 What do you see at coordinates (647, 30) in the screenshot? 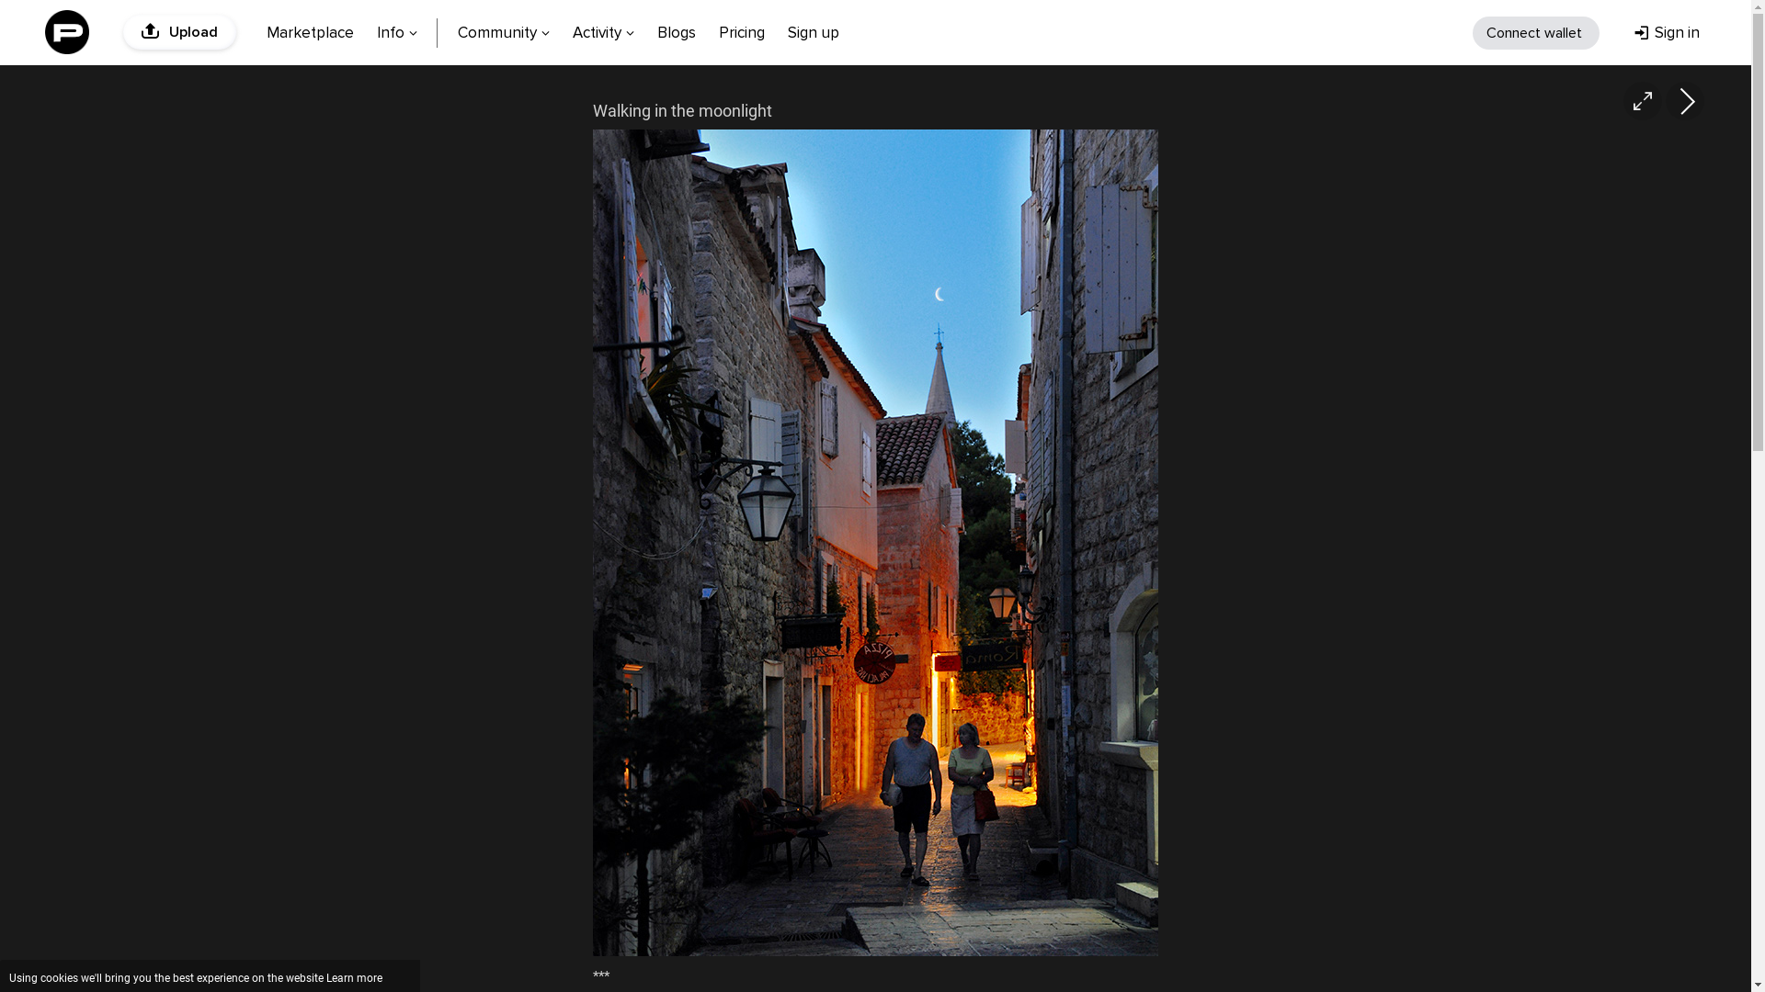
I see `'Blogs'` at bounding box center [647, 30].